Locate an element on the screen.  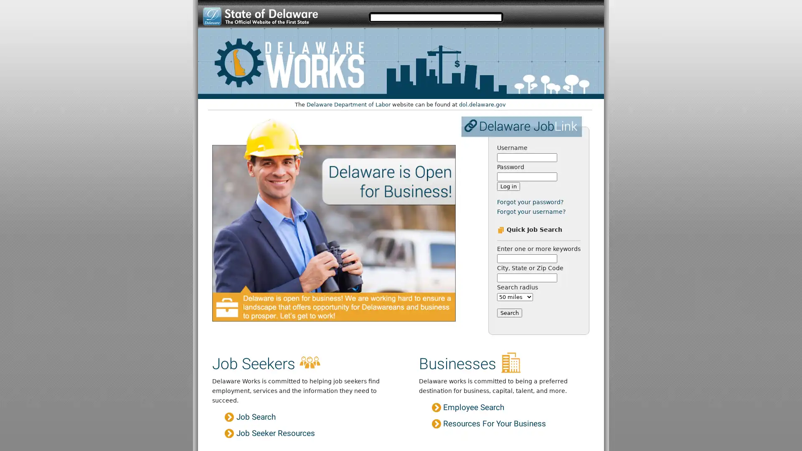
Log in is located at coordinates (508, 186).